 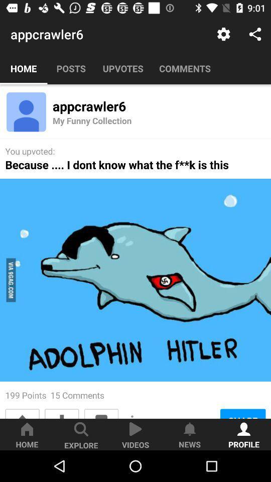 What do you see at coordinates (81, 428) in the screenshot?
I see `icon above explore` at bounding box center [81, 428].